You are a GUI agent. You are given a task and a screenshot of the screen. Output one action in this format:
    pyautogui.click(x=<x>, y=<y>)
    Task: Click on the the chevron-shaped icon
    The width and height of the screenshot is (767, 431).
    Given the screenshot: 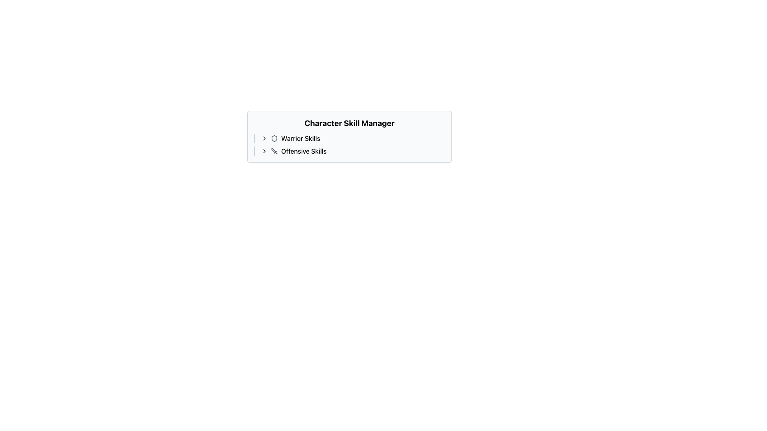 What is the action you would take?
    pyautogui.click(x=264, y=151)
    